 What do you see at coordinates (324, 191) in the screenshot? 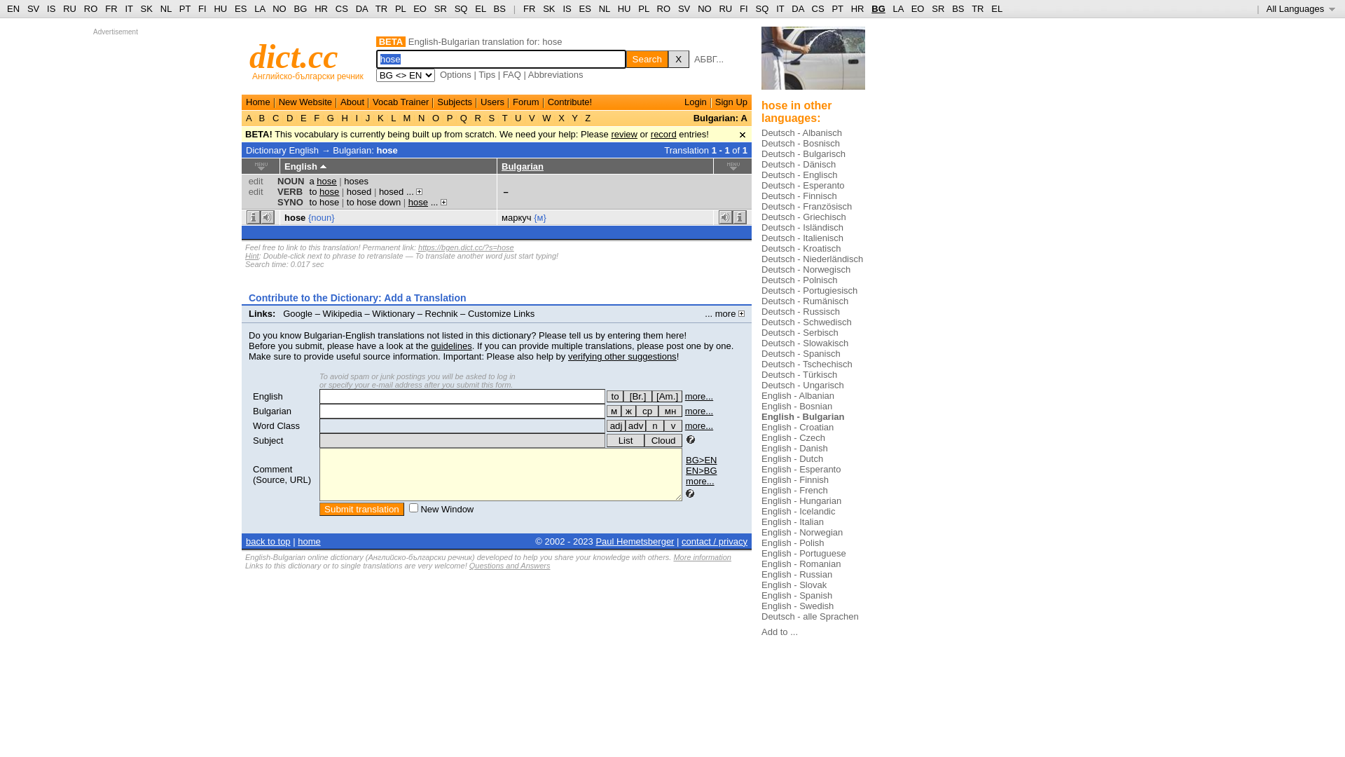
I see `'to hose'` at bounding box center [324, 191].